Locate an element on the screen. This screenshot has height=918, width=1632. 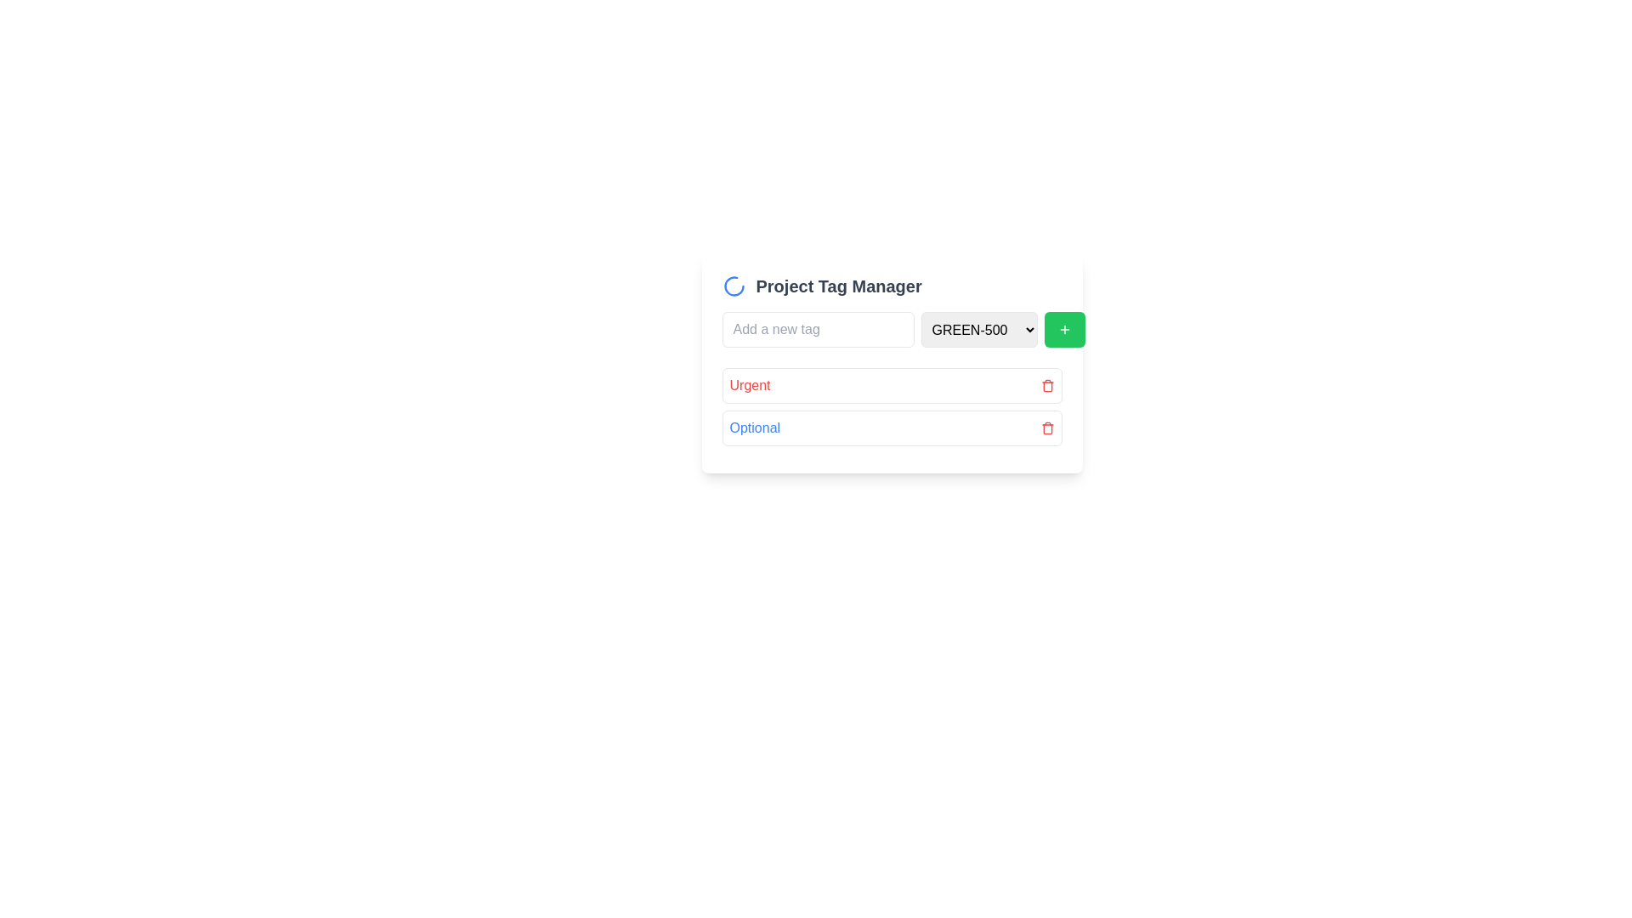
the text input field with the placeholder 'Add a new tag' to focus on it is located at coordinates (818, 330).